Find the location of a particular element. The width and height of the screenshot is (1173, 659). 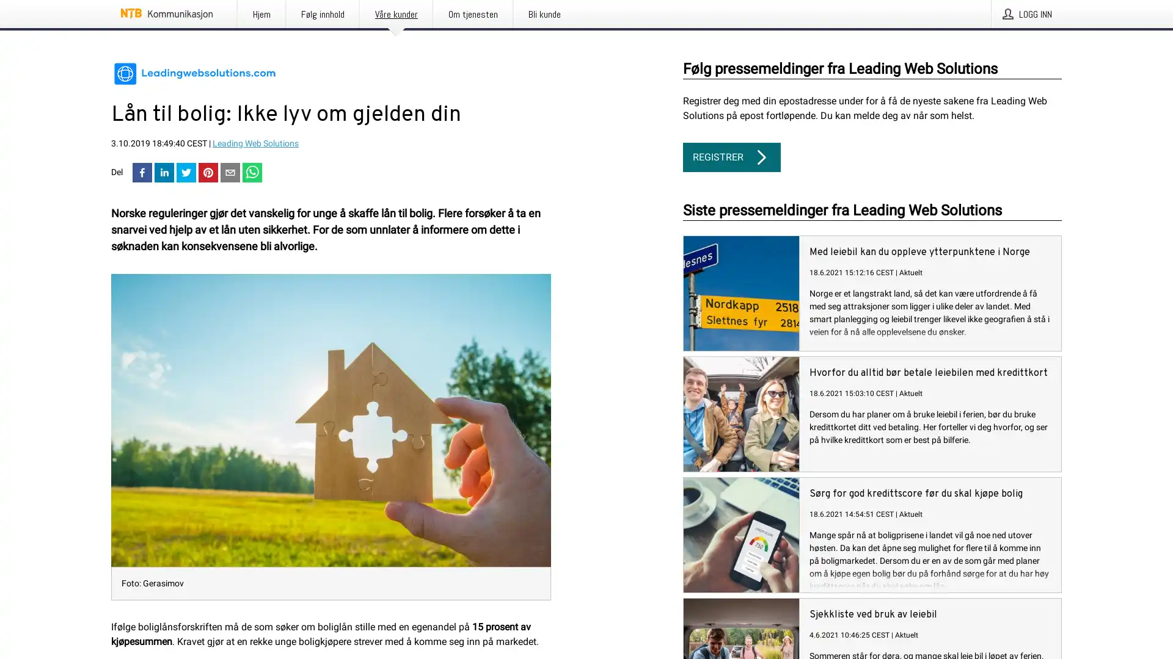

REGISTRER is located at coordinates (732, 157).